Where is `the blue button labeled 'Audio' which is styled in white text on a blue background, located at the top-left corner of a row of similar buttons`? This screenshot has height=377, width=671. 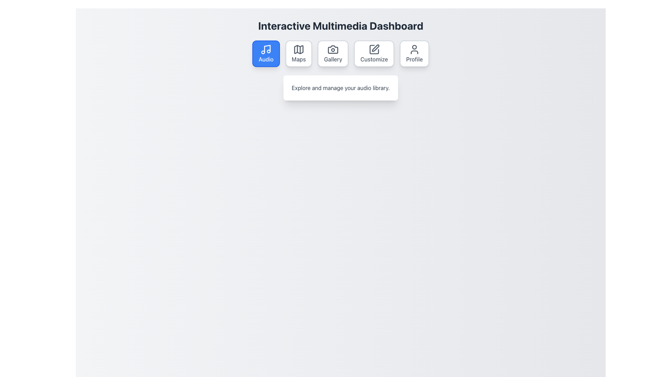
the blue button labeled 'Audio' which is styled in white text on a blue background, located at the top-left corner of a row of similar buttons is located at coordinates (266, 59).